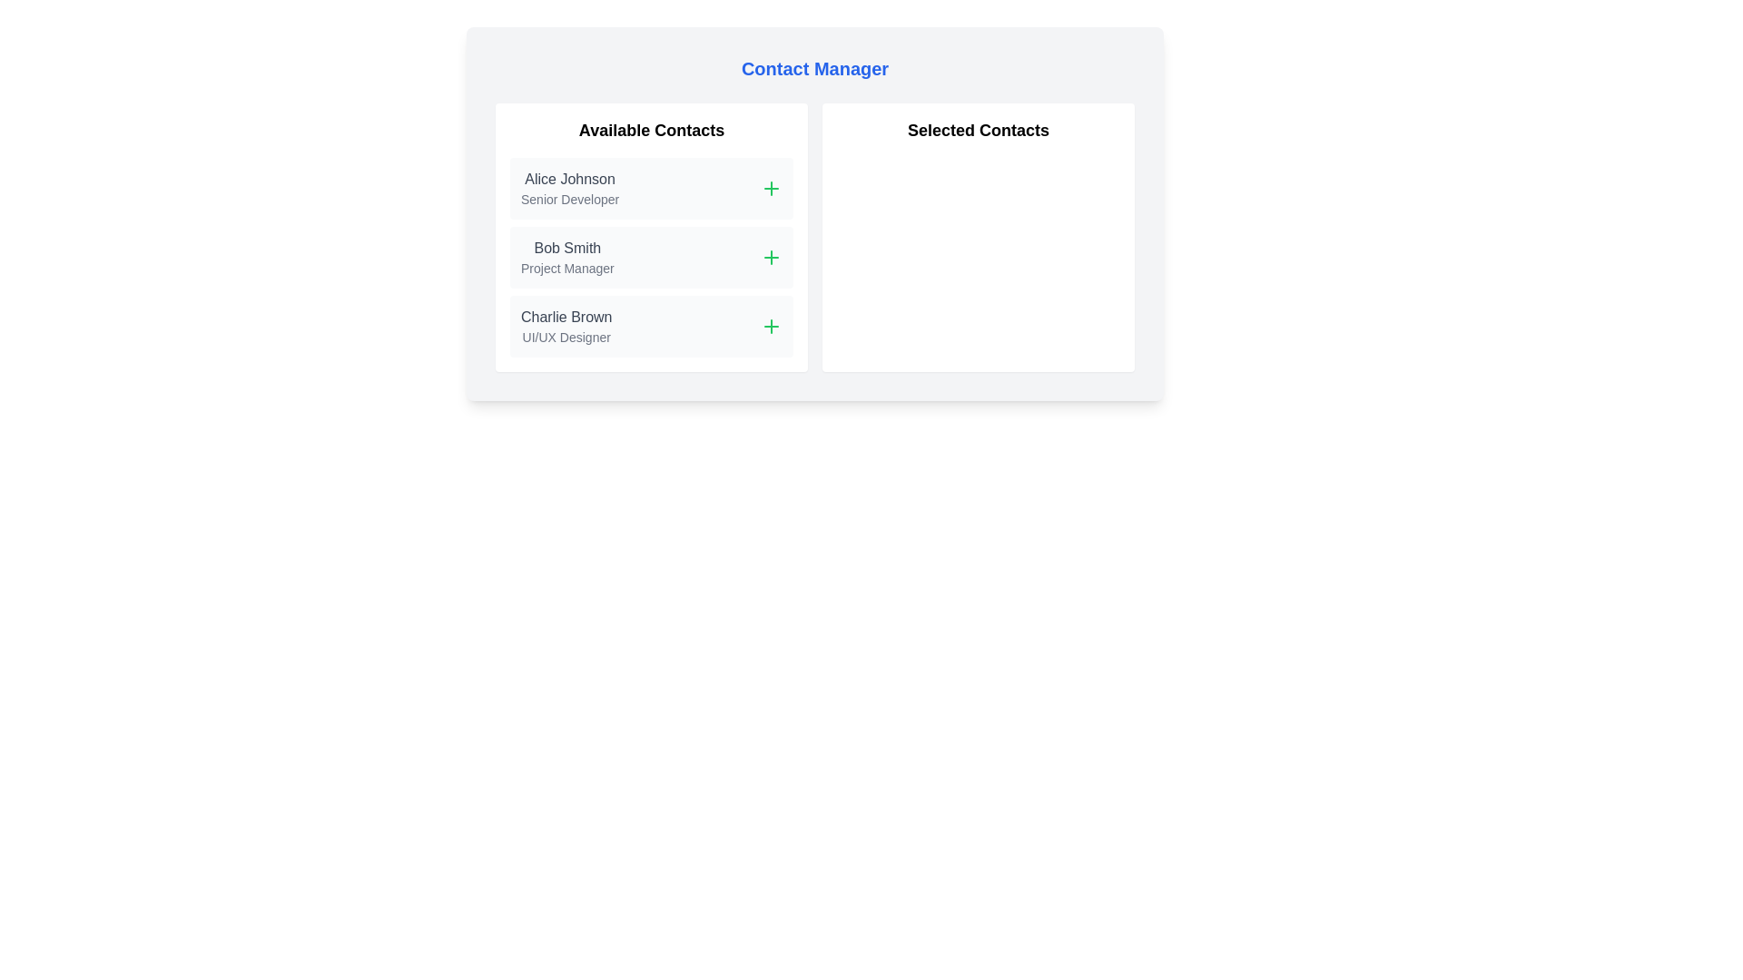 The height and width of the screenshot is (980, 1743). What do you see at coordinates (566, 258) in the screenshot?
I see `the Text Display that shows the contact information for the individual located in the second row of the 'Available Contacts' section, positioned between 'Alice Johnson Senior Developer' and 'Charlie Brown UI/UX Designer'` at bounding box center [566, 258].